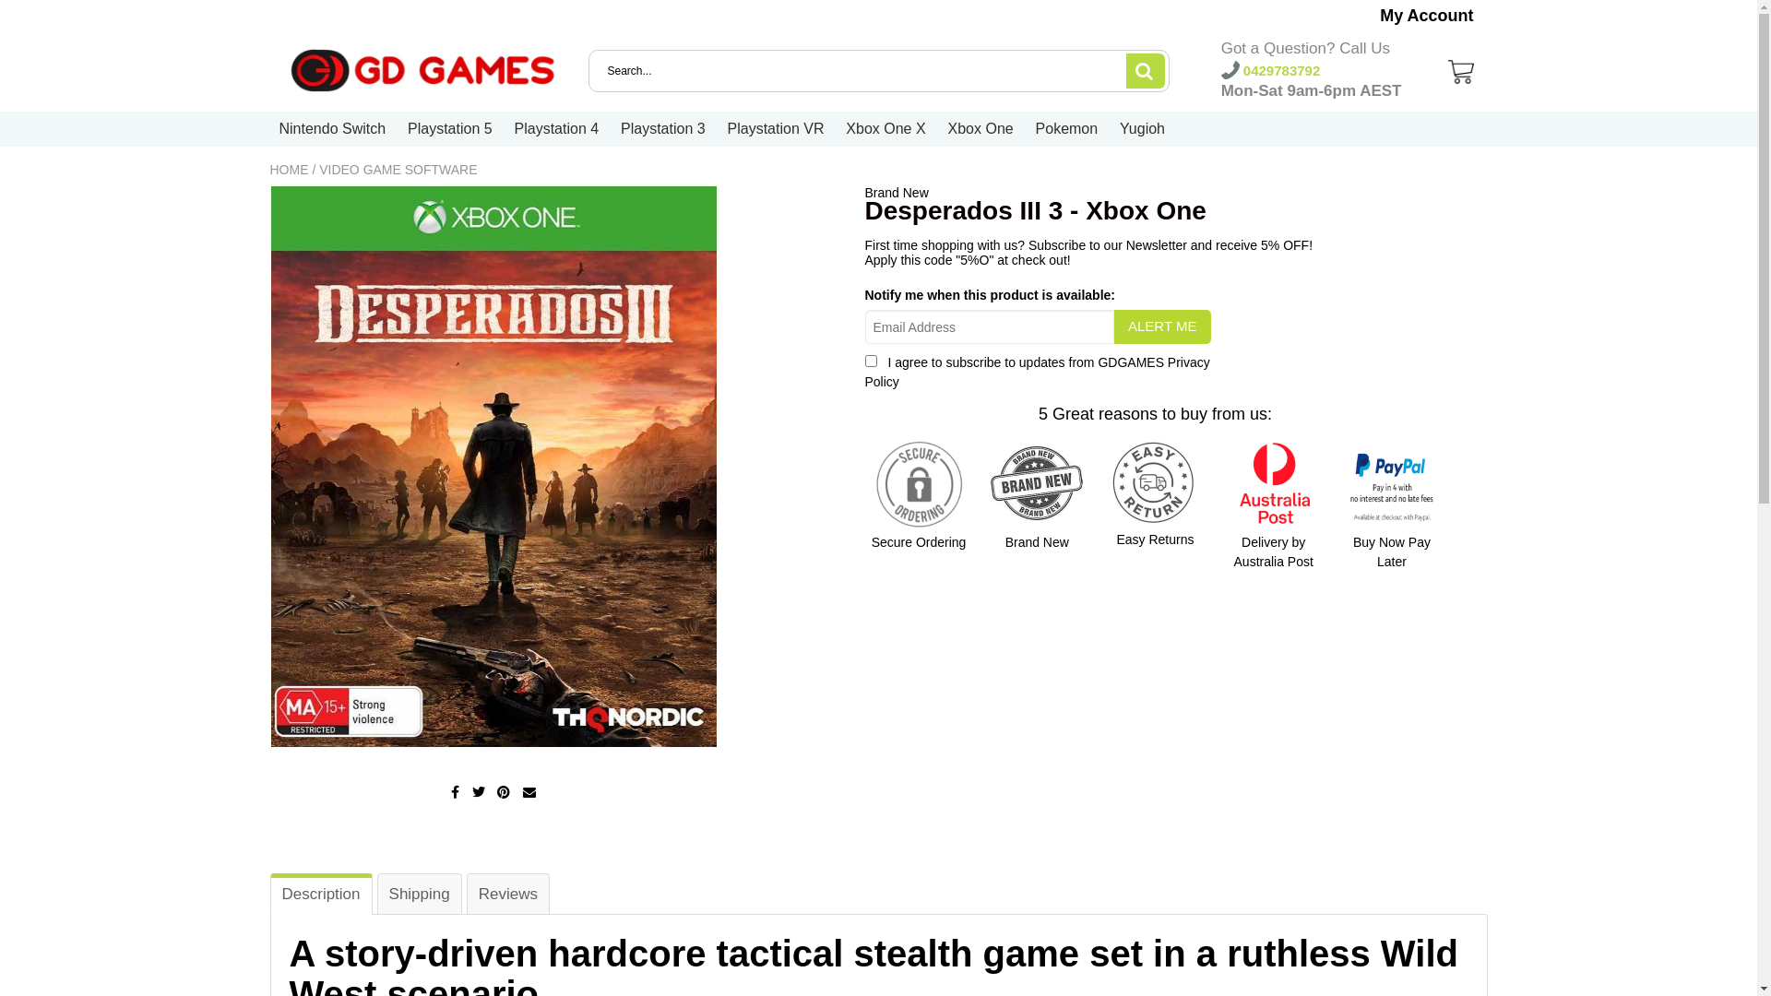 This screenshot has height=996, width=1771. I want to click on 'Shipping', so click(375, 893).